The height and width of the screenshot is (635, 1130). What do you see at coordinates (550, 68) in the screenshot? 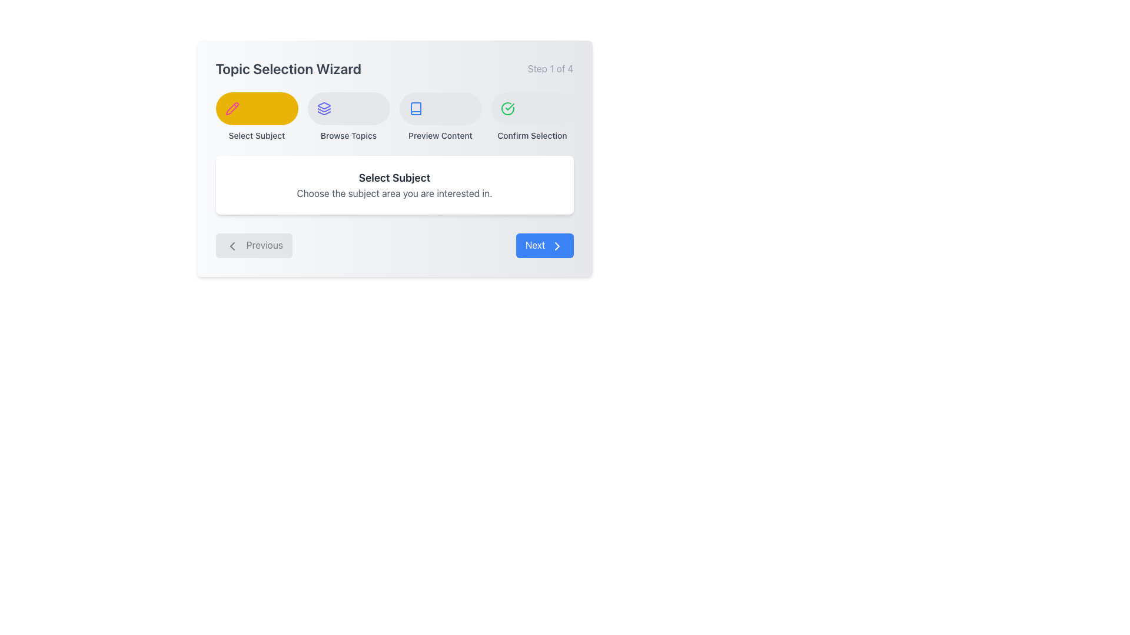
I see `the text element displaying 'Step 1 of 4' in light gray, located at the top-right corner of the wizard interface section` at bounding box center [550, 68].